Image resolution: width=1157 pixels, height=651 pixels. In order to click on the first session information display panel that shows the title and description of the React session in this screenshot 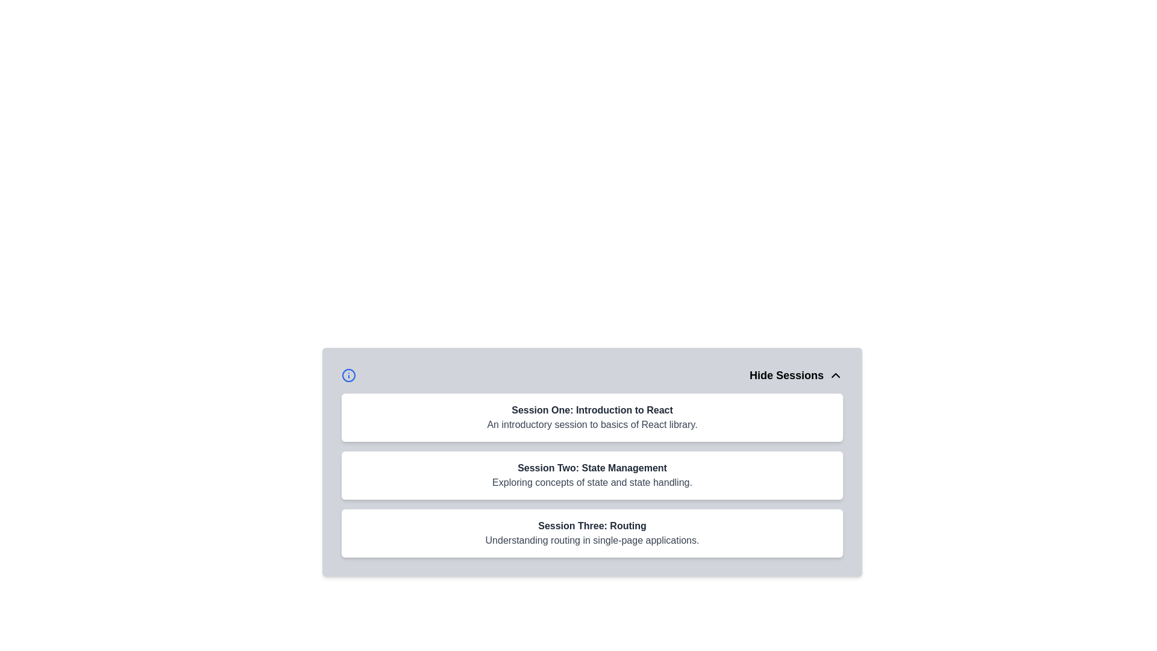, I will do `click(592, 417)`.